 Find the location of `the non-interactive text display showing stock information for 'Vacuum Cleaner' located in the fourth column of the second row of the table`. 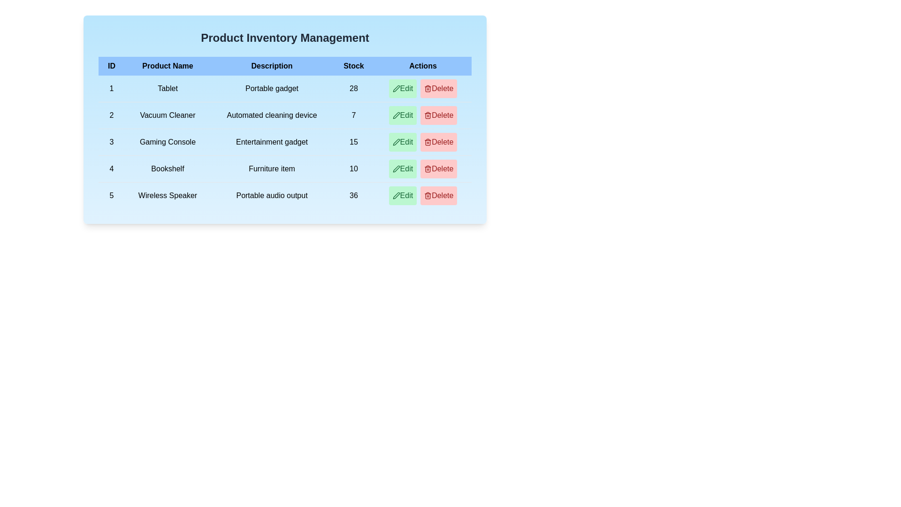

the non-interactive text display showing stock information for 'Vacuum Cleaner' located in the fourth column of the second row of the table is located at coordinates (353, 115).